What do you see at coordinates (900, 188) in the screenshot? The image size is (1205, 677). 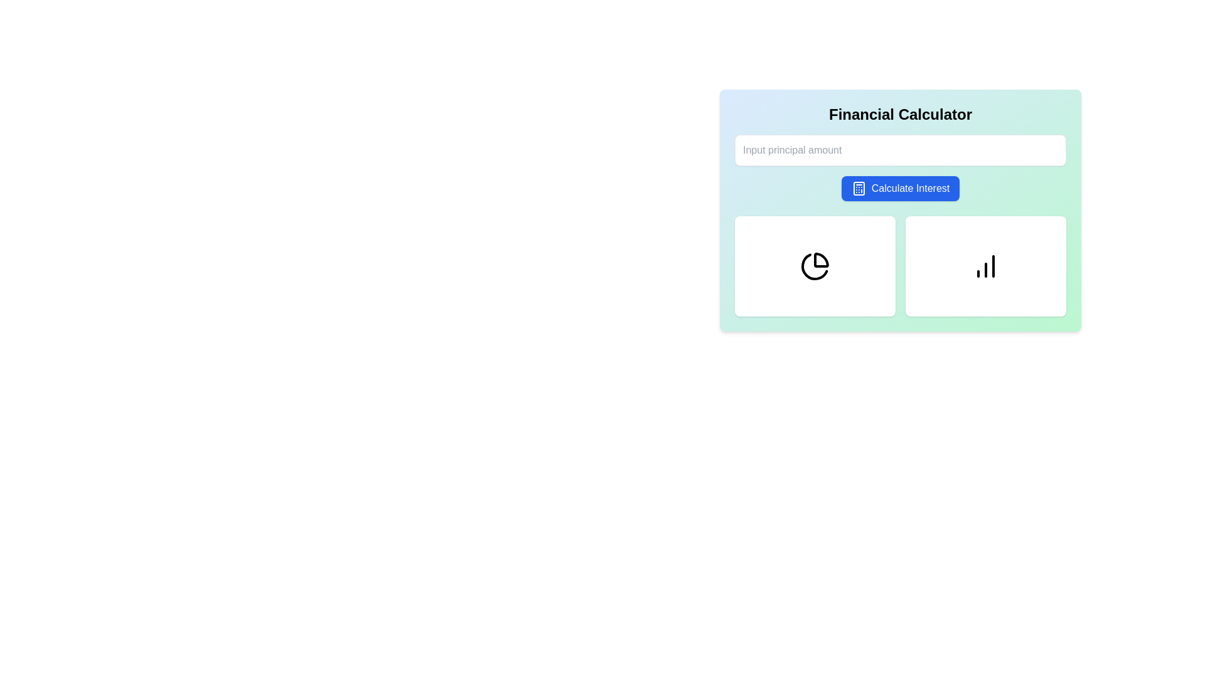 I see `the 'Calculate Interest' button with a blue background and white text located in the 'Financial Calculator' card` at bounding box center [900, 188].